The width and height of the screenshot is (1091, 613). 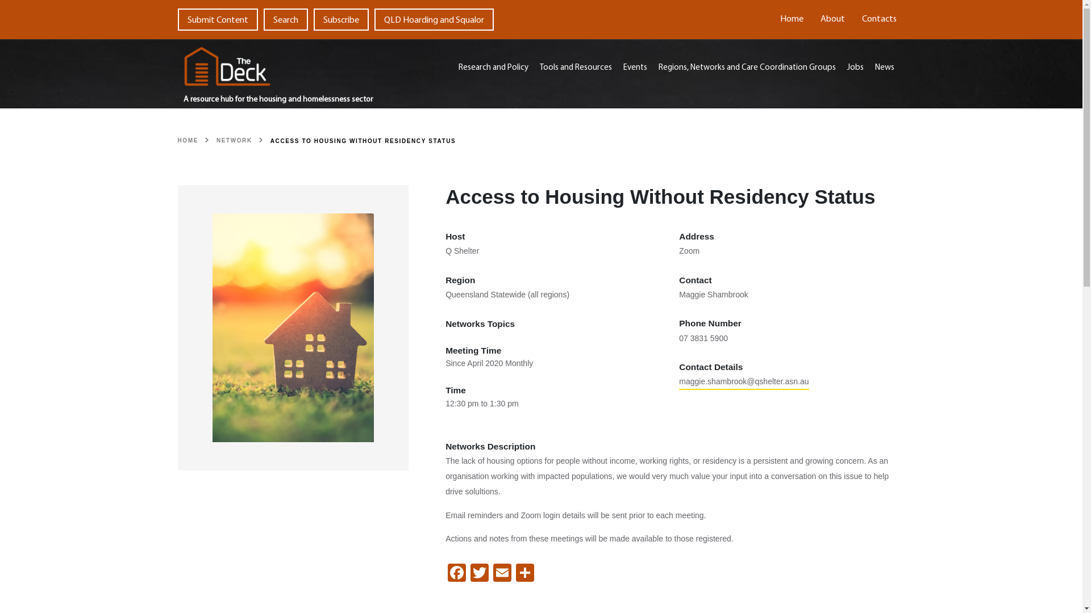 What do you see at coordinates (576, 68) in the screenshot?
I see `'Tools and Resources'` at bounding box center [576, 68].